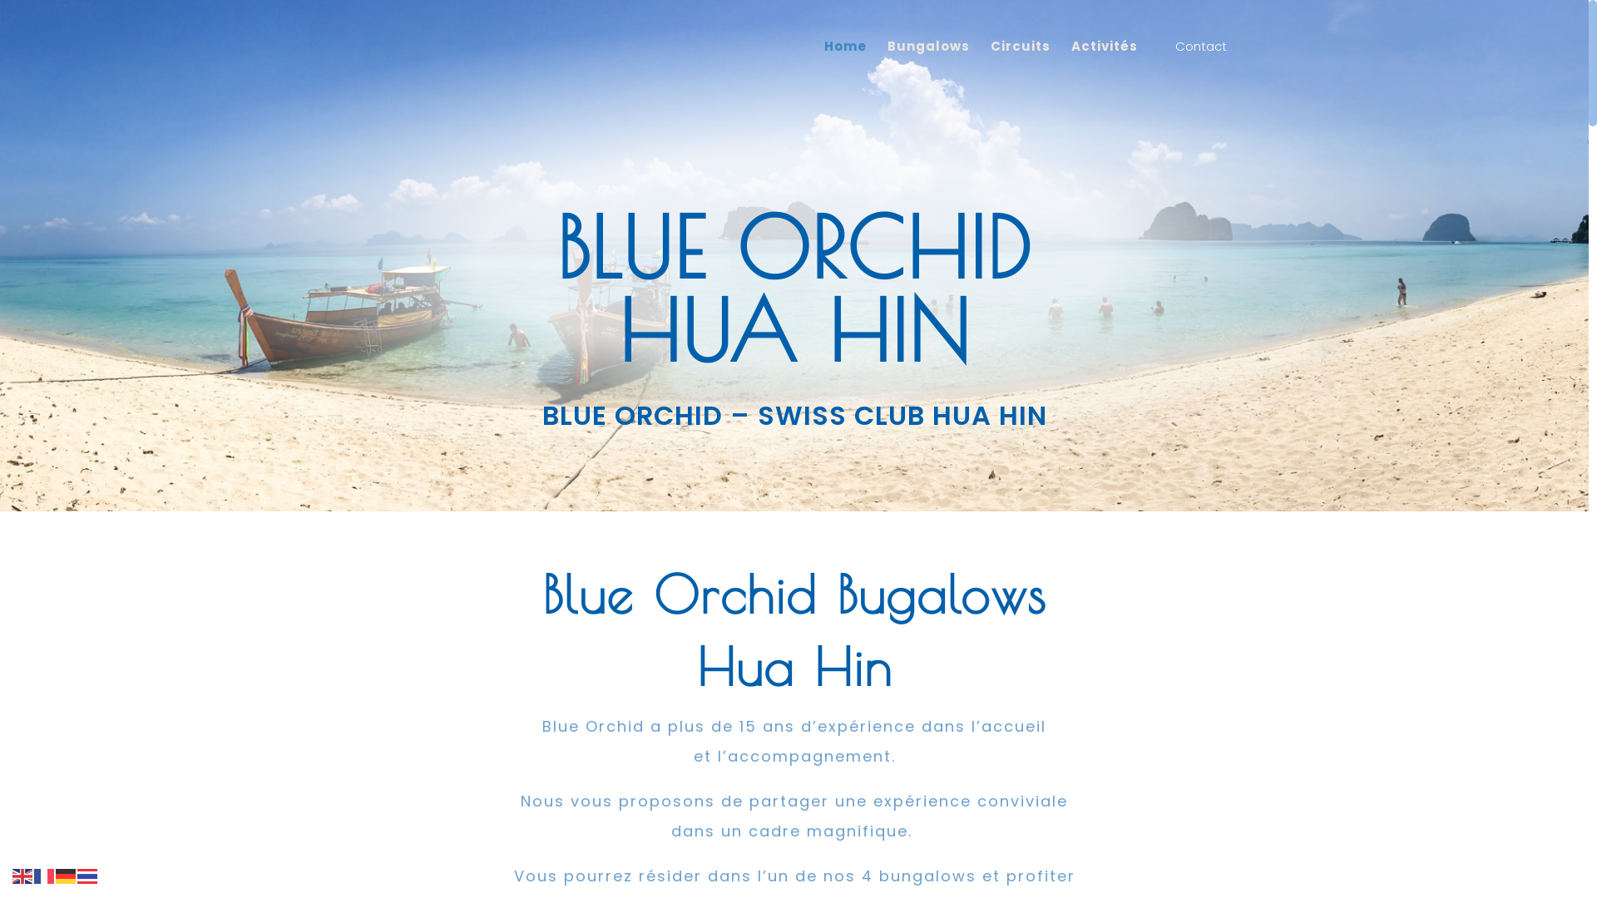 Image resolution: width=1597 pixels, height=898 pixels. What do you see at coordinates (886, 57) in the screenshot?
I see `'Bungalows'` at bounding box center [886, 57].